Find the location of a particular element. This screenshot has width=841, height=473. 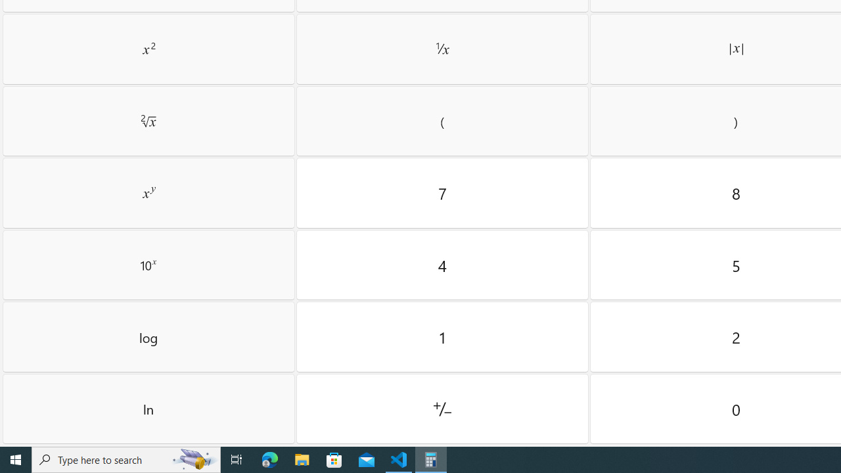

'Calculator - 1 running window' is located at coordinates (431, 459).